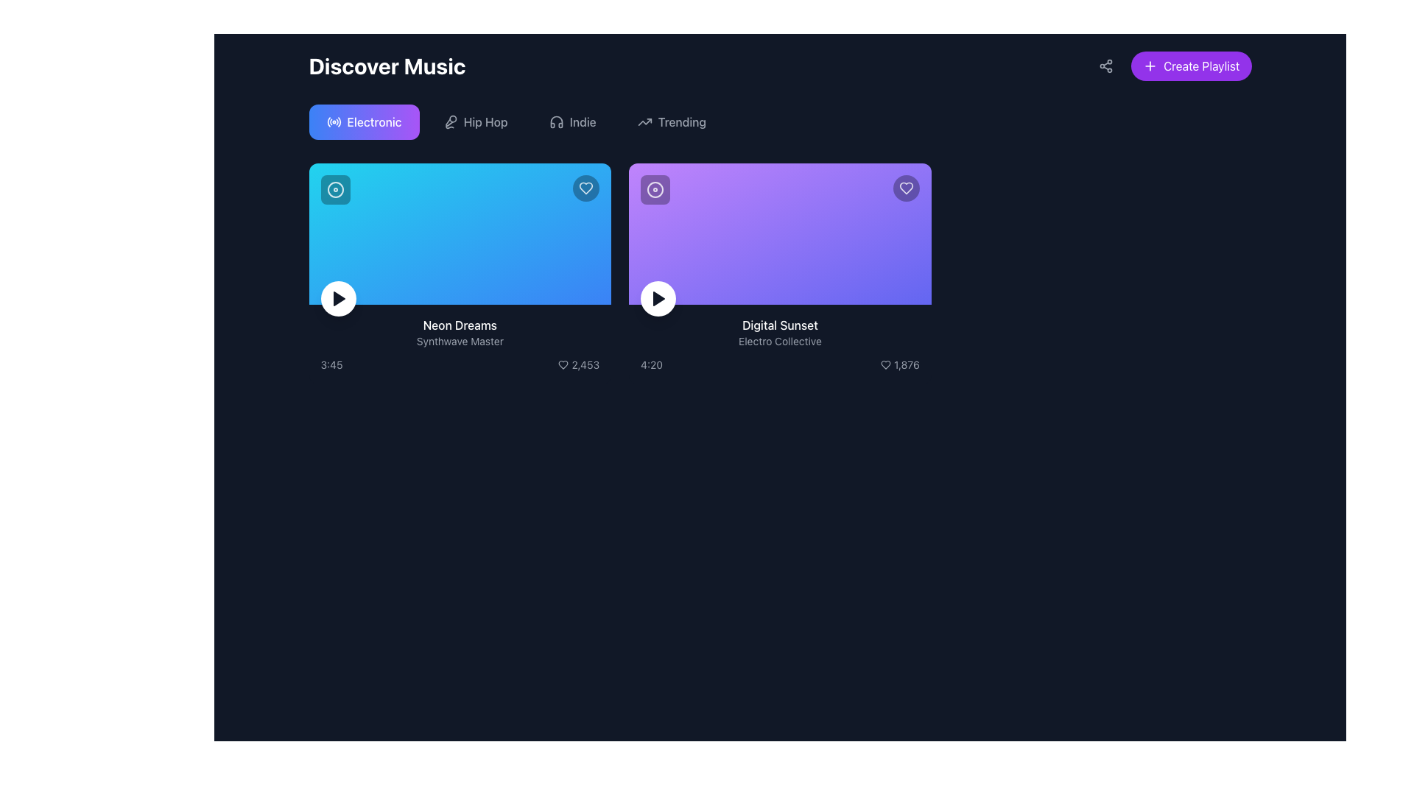  What do you see at coordinates (779, 364) in the screenshot?
I see `information displayed in the composite element showing the track duration '4:20' and the number of likes '1,876' beneath the purple card labeled 'Digital Sunset'` at bounding box center [779, 364].